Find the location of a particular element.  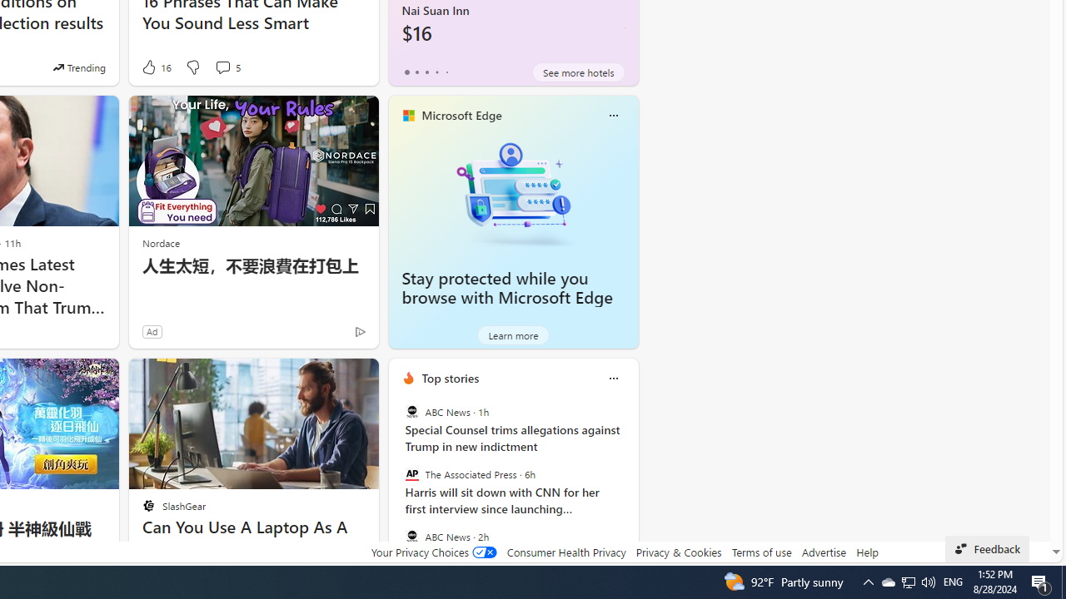

'The Associated Press' is located at coordinates (411, 474).